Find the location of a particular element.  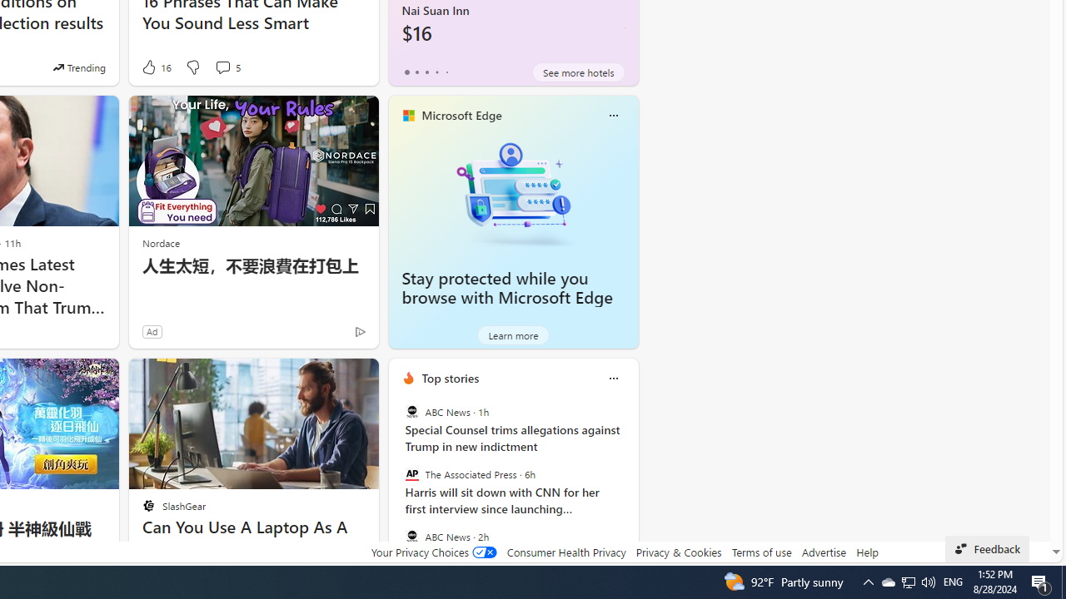

'The Associated Press' is located at coordinates (411, 474).